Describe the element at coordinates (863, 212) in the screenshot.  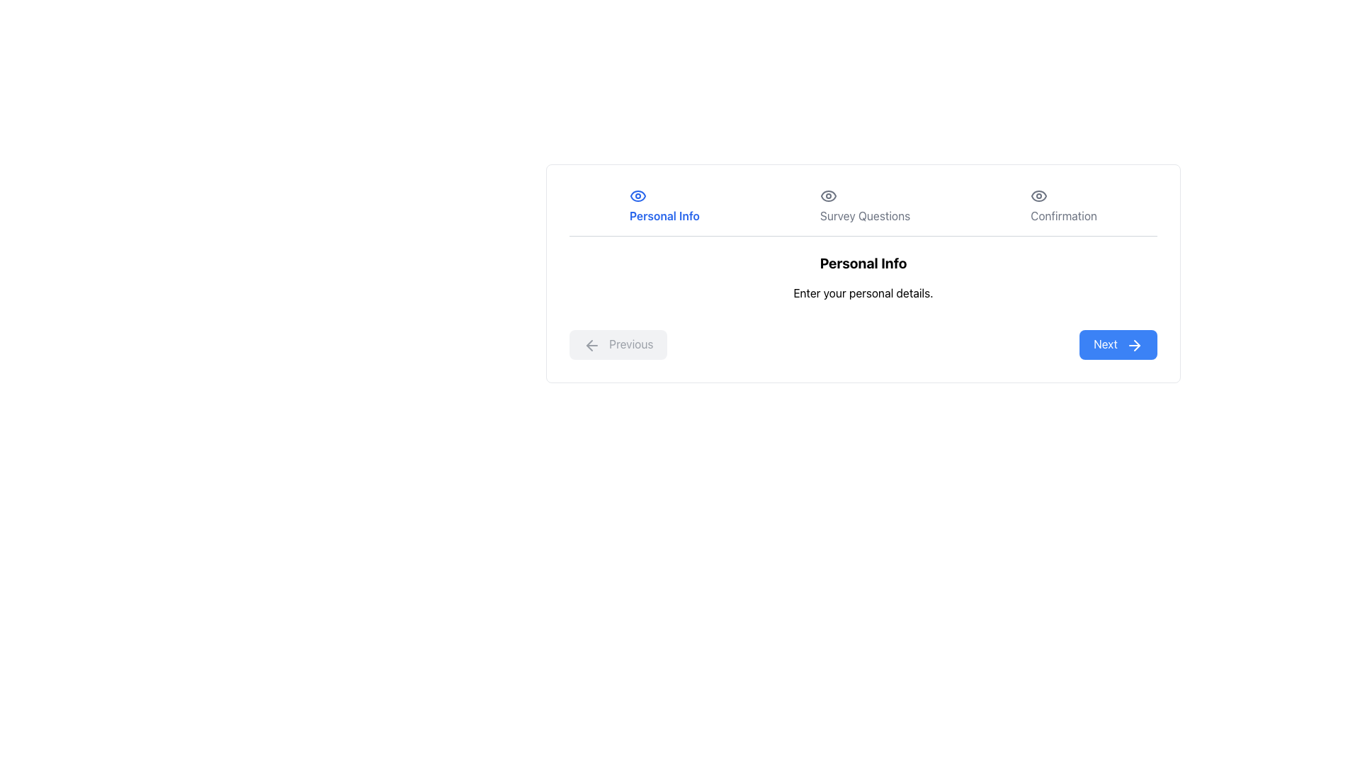
I see `the 'Survey Questions' tab of the Navigation progress bar, which features horizontally arranged tabs with icons` at that location.